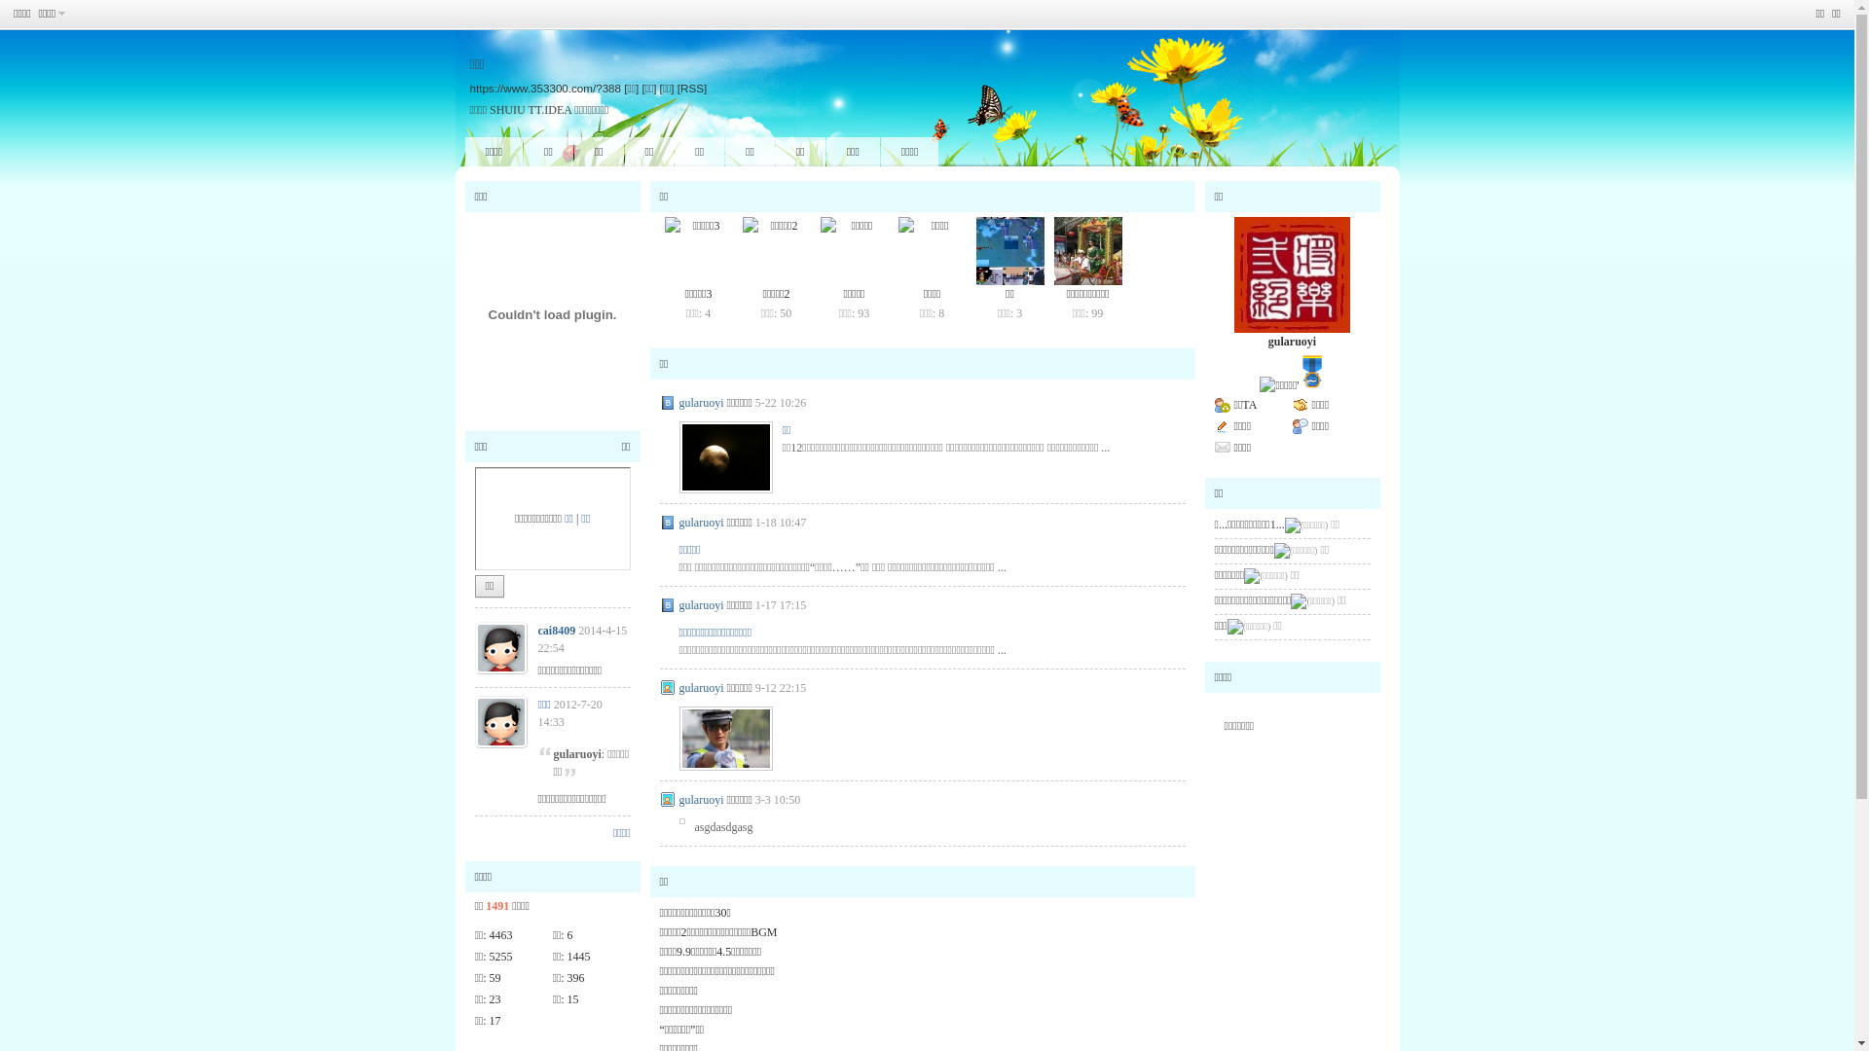 The image size is (1869, 1051). What do you see at coordinates (545, 88) in the screenshot?
I see `'https://www.353300.com/?388'` at bounding box center [545, 88].